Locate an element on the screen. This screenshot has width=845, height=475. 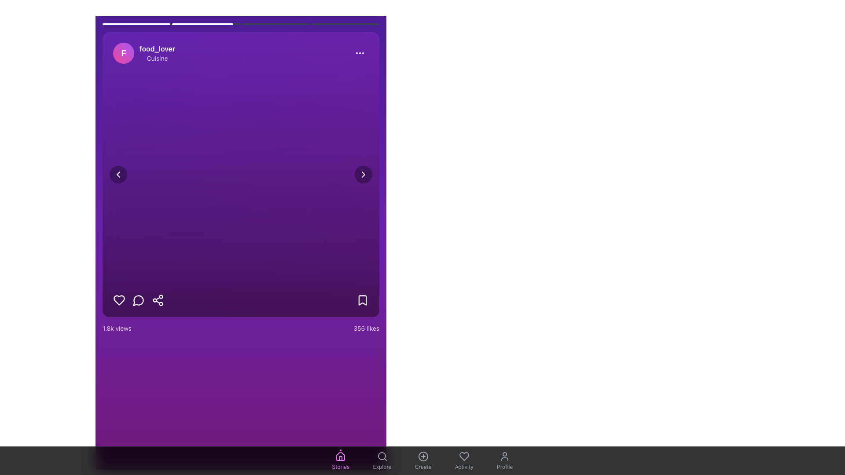
the bookmarking icon button located in the bottom-right area of the card interface is located at coordinates (363, 300).